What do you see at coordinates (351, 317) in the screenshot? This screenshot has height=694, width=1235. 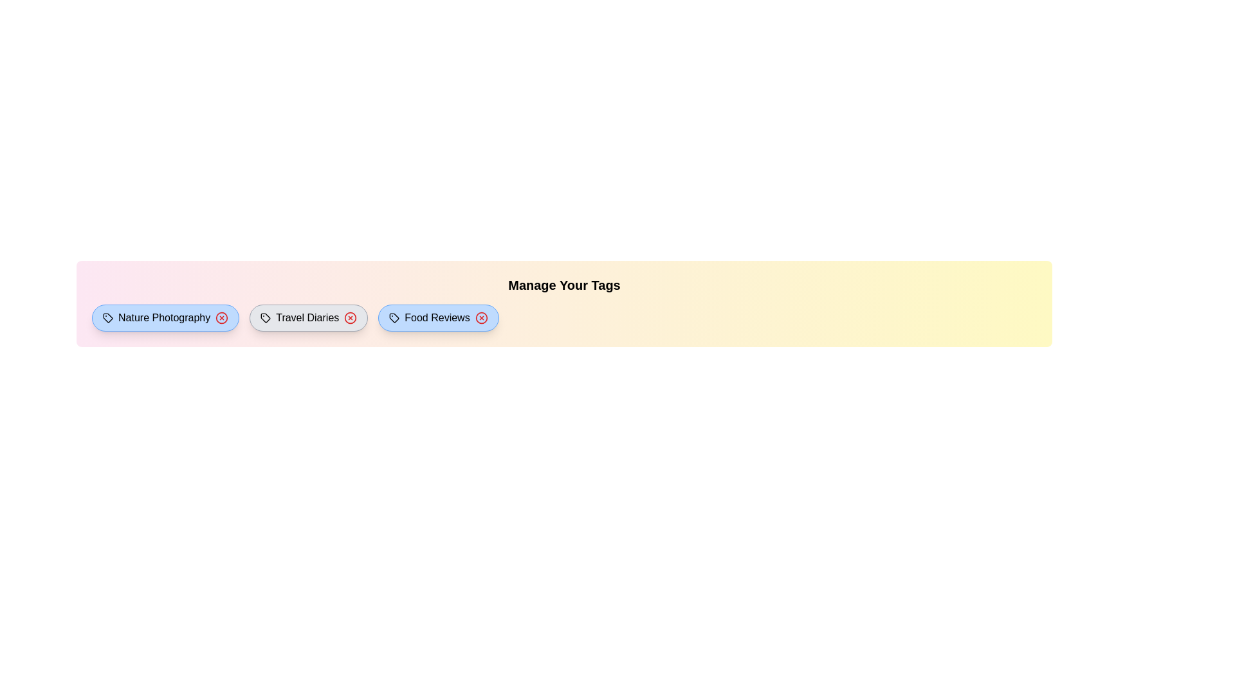 I see `the tag labeled Travel Diaries by clicking its close button` at bounding box center [351, 317].